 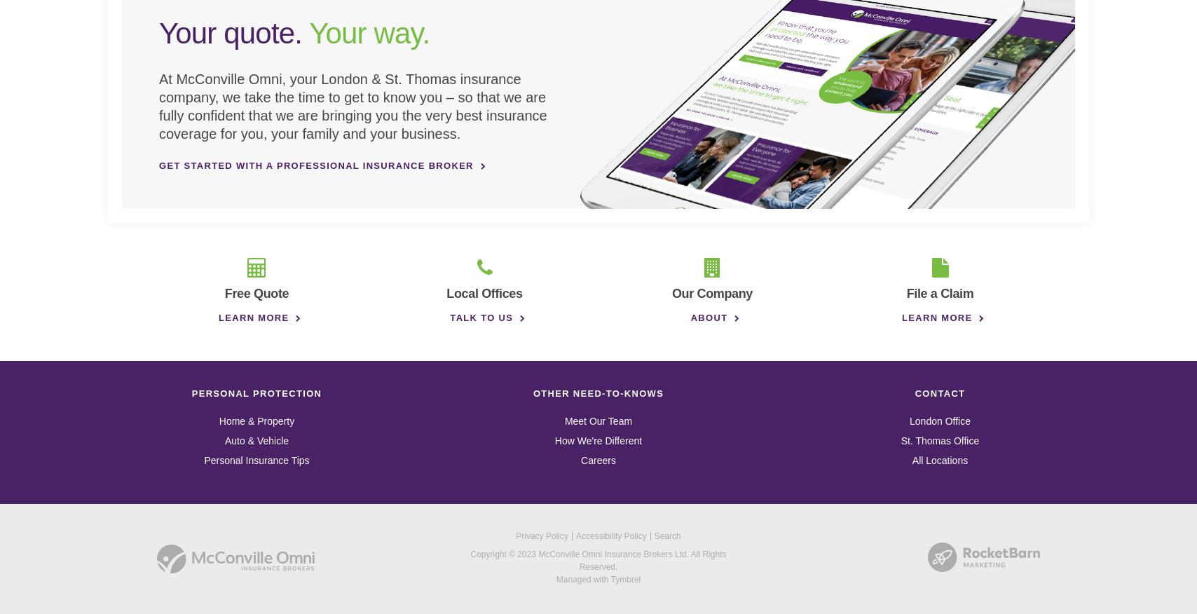 What do you see at coordinates (542, 535) in the screenshot?
I see `'Privacy Policy'` at bounding box center [542, 535].